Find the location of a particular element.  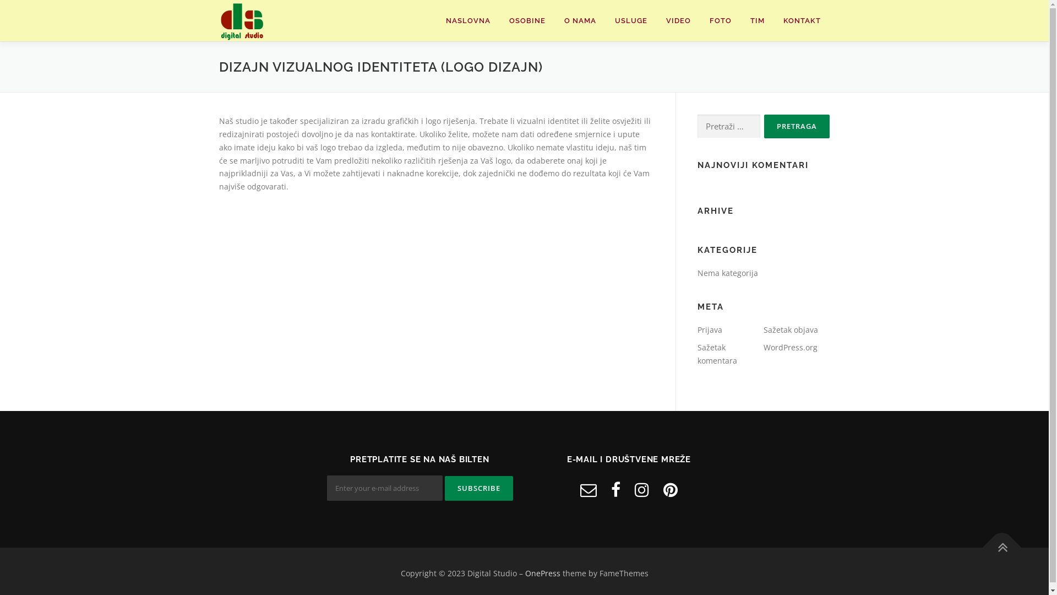

'Instagram' is located at coordinates (642, 489).